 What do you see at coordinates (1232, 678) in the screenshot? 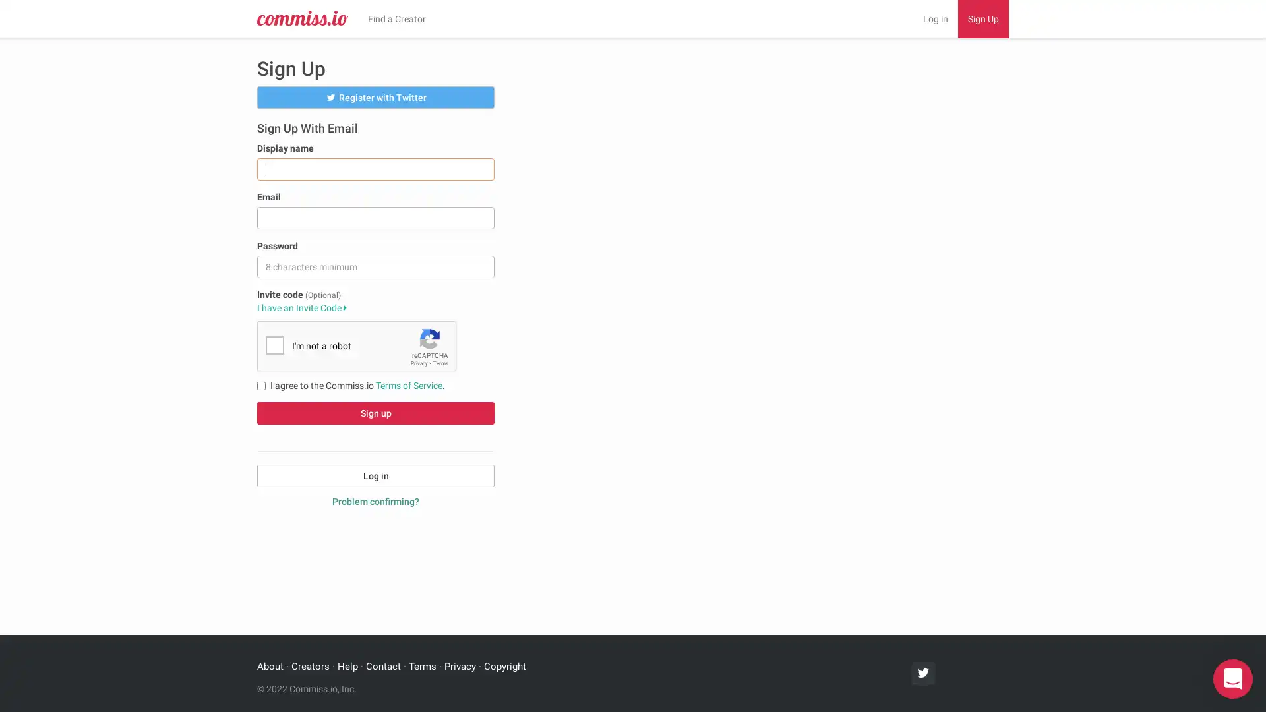
I see `Open Intercom Messenger` at bounding box center [1232, 678].